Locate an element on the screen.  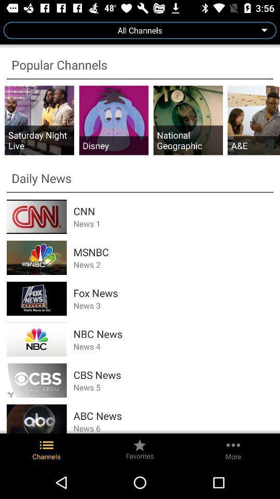
icon above   daily news item is located at coordinates (187, 139).